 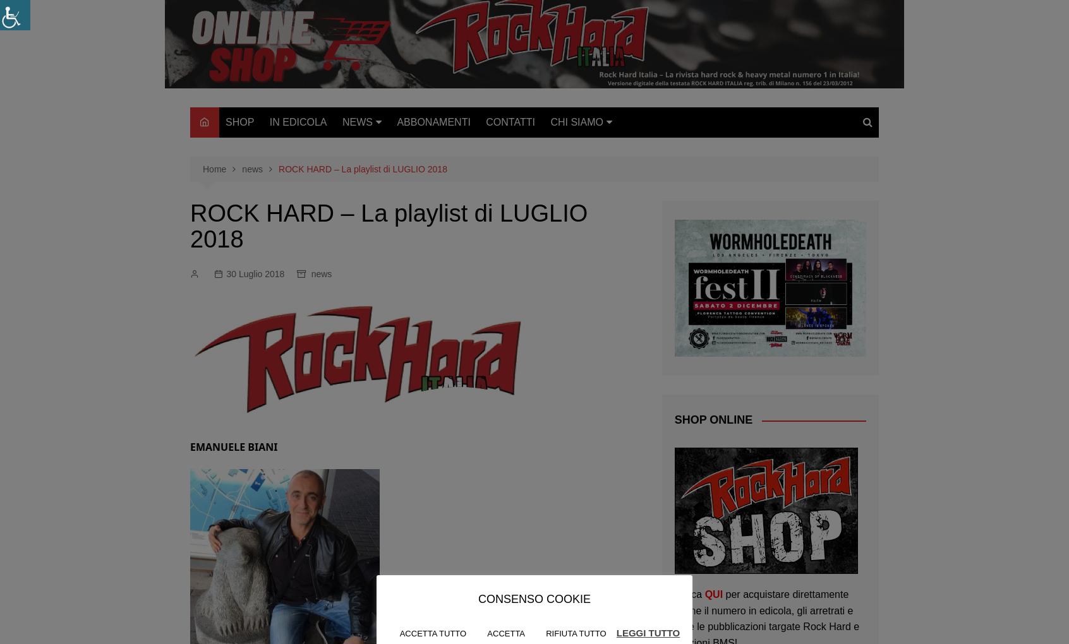 I want to click on 'NEWS', so click(x=356, y=121).